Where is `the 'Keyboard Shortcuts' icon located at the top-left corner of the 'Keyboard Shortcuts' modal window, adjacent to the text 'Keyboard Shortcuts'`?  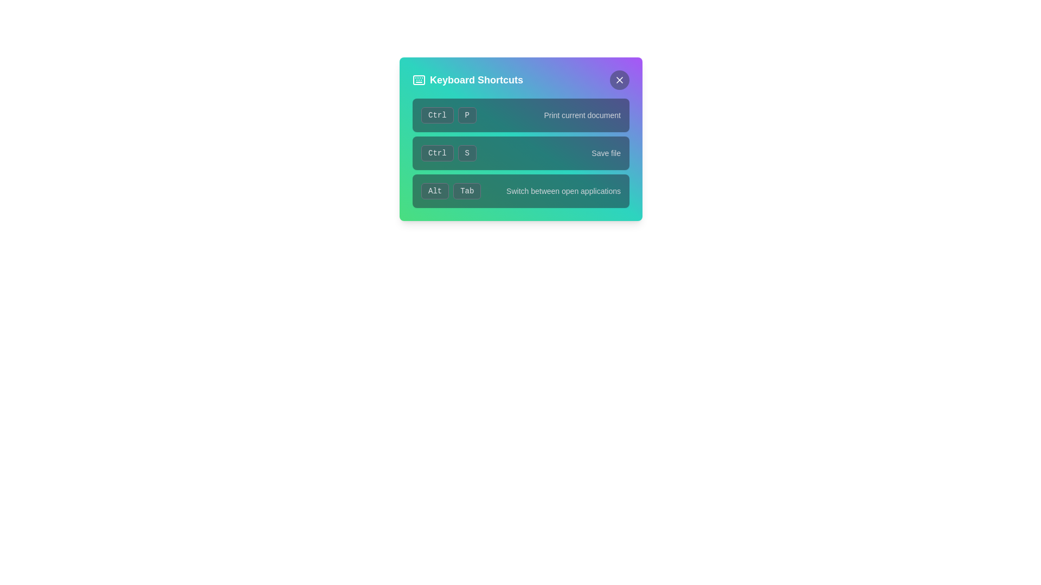
the 'Keyboard Shortcuts' icon located at the top-left corner of the 'Keyboard Shortcuts' modal window, adjacent to the text 'Keyboard Shortcuts' is located at coordinates (418, 79).